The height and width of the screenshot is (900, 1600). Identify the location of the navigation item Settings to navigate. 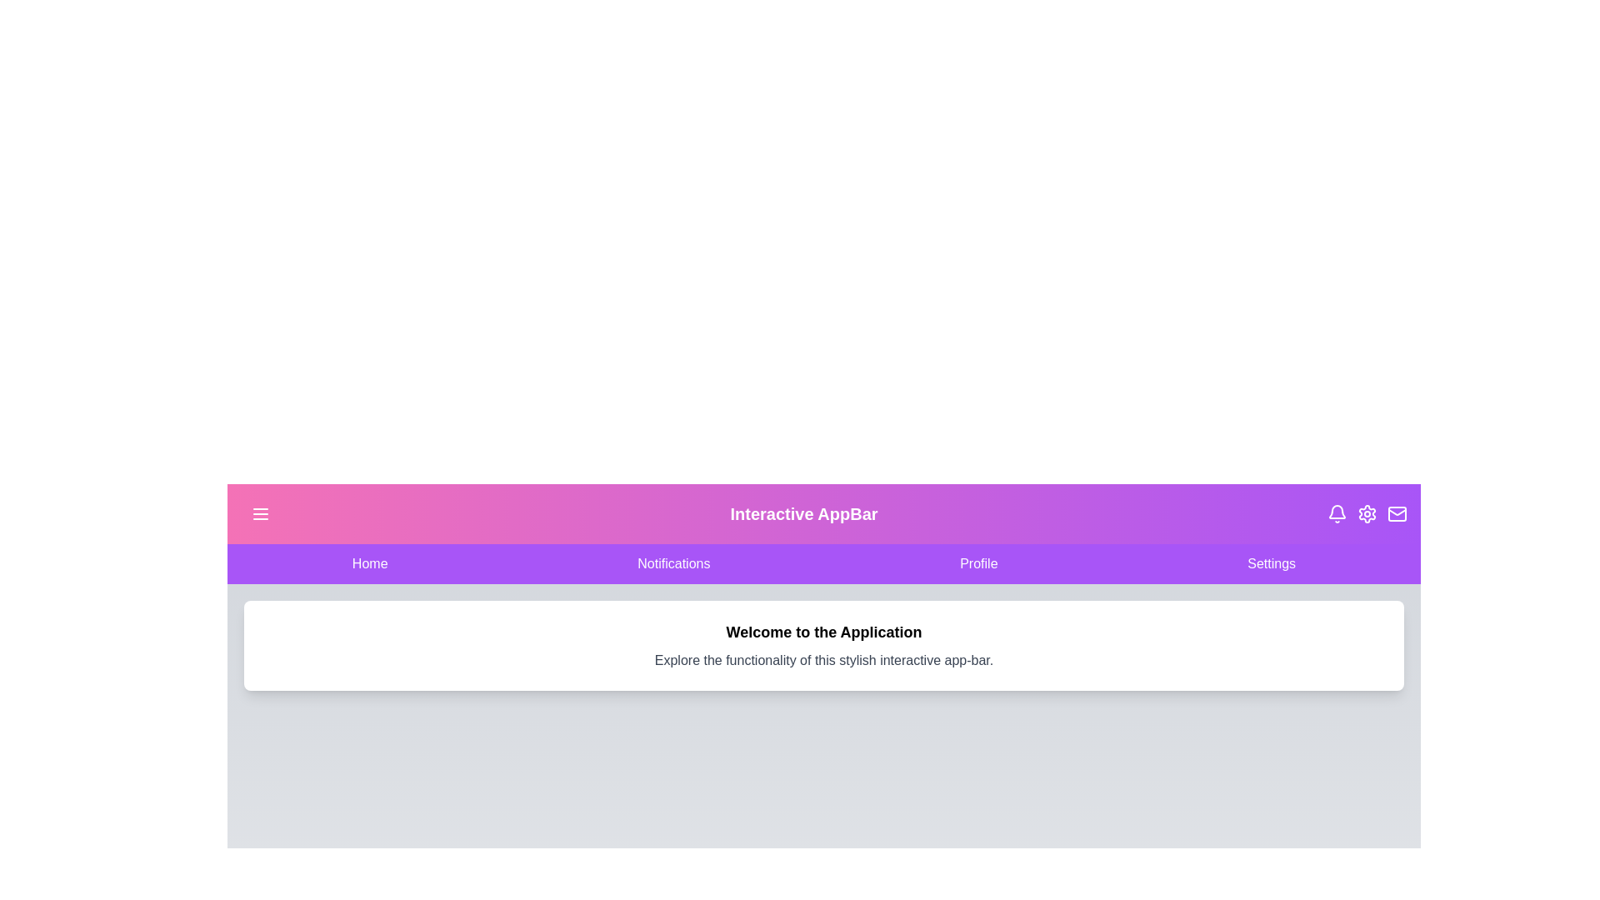
(1271, 563).